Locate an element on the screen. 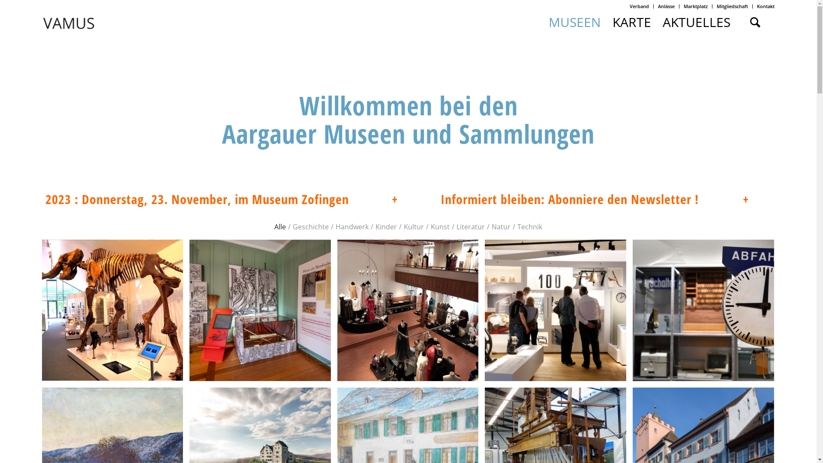 The width and height of the screenshot is (823, 463). 'Hexenmuseum' is located at coordinates (259, 310).